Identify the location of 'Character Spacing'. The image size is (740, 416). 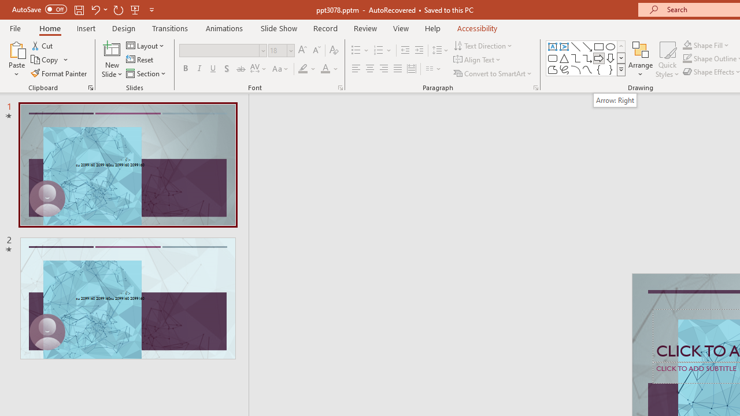
(258, 69).